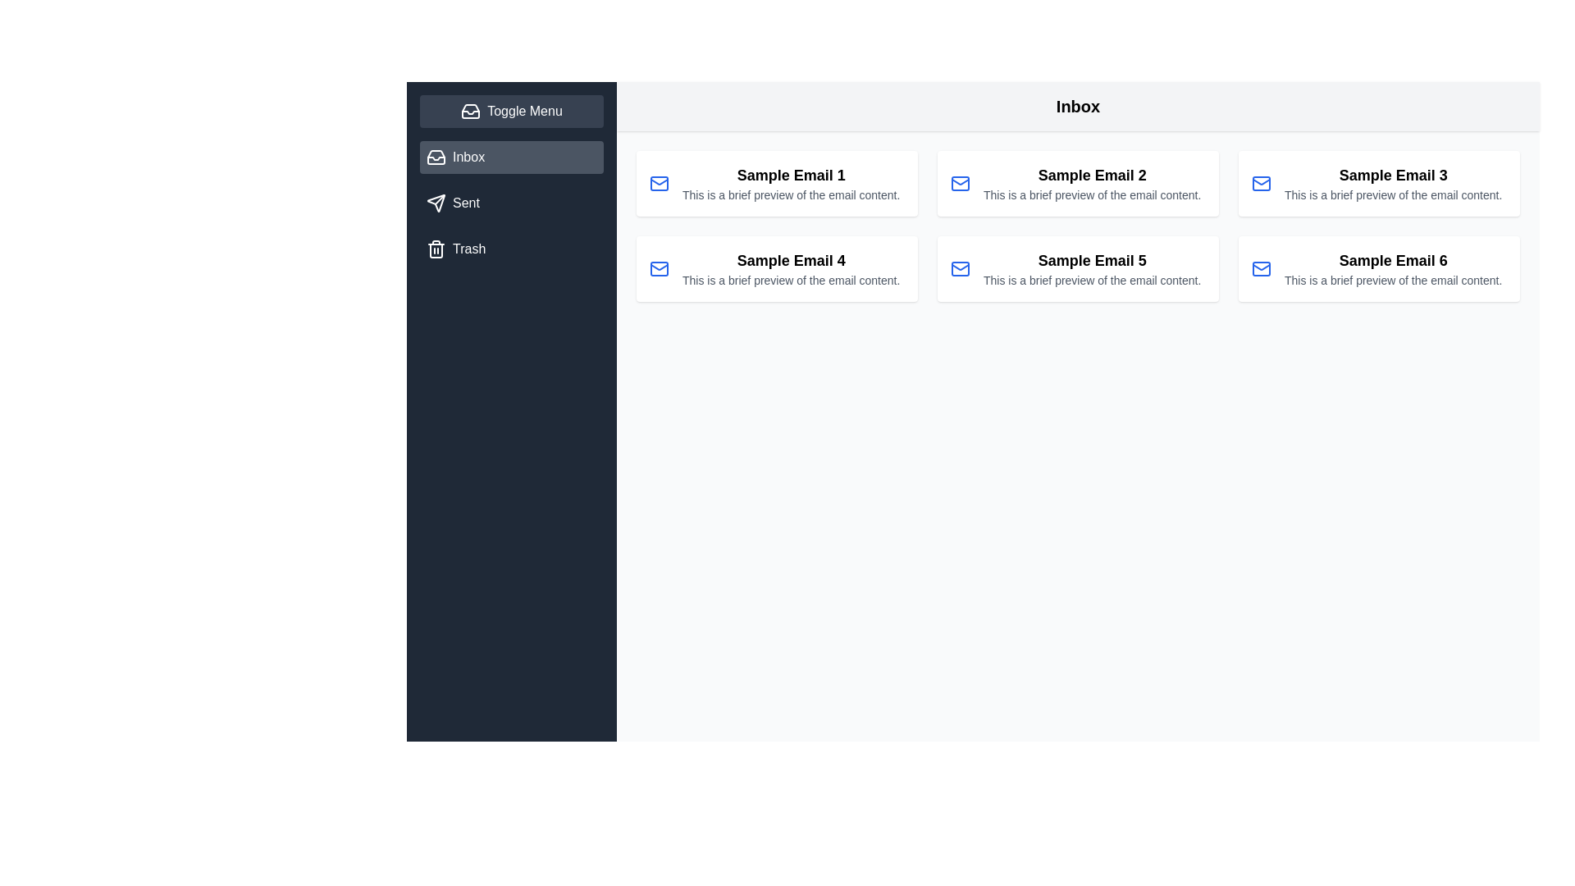 The width and height of the screenshot is (1575, 886). Describe the element at coordinates (1378, 183) in the screenshot. I see `the email card item located at the top-right corner of the grid layout` at that location.